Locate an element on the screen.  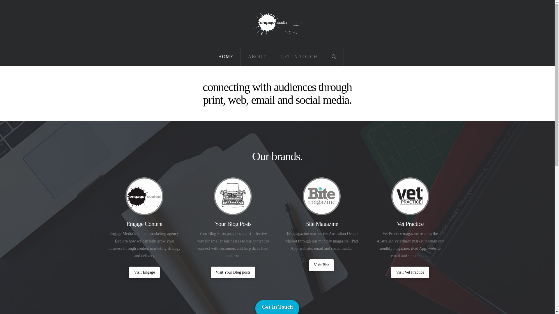
'Visit Vet Practice' is located at coordinates (410, 272).